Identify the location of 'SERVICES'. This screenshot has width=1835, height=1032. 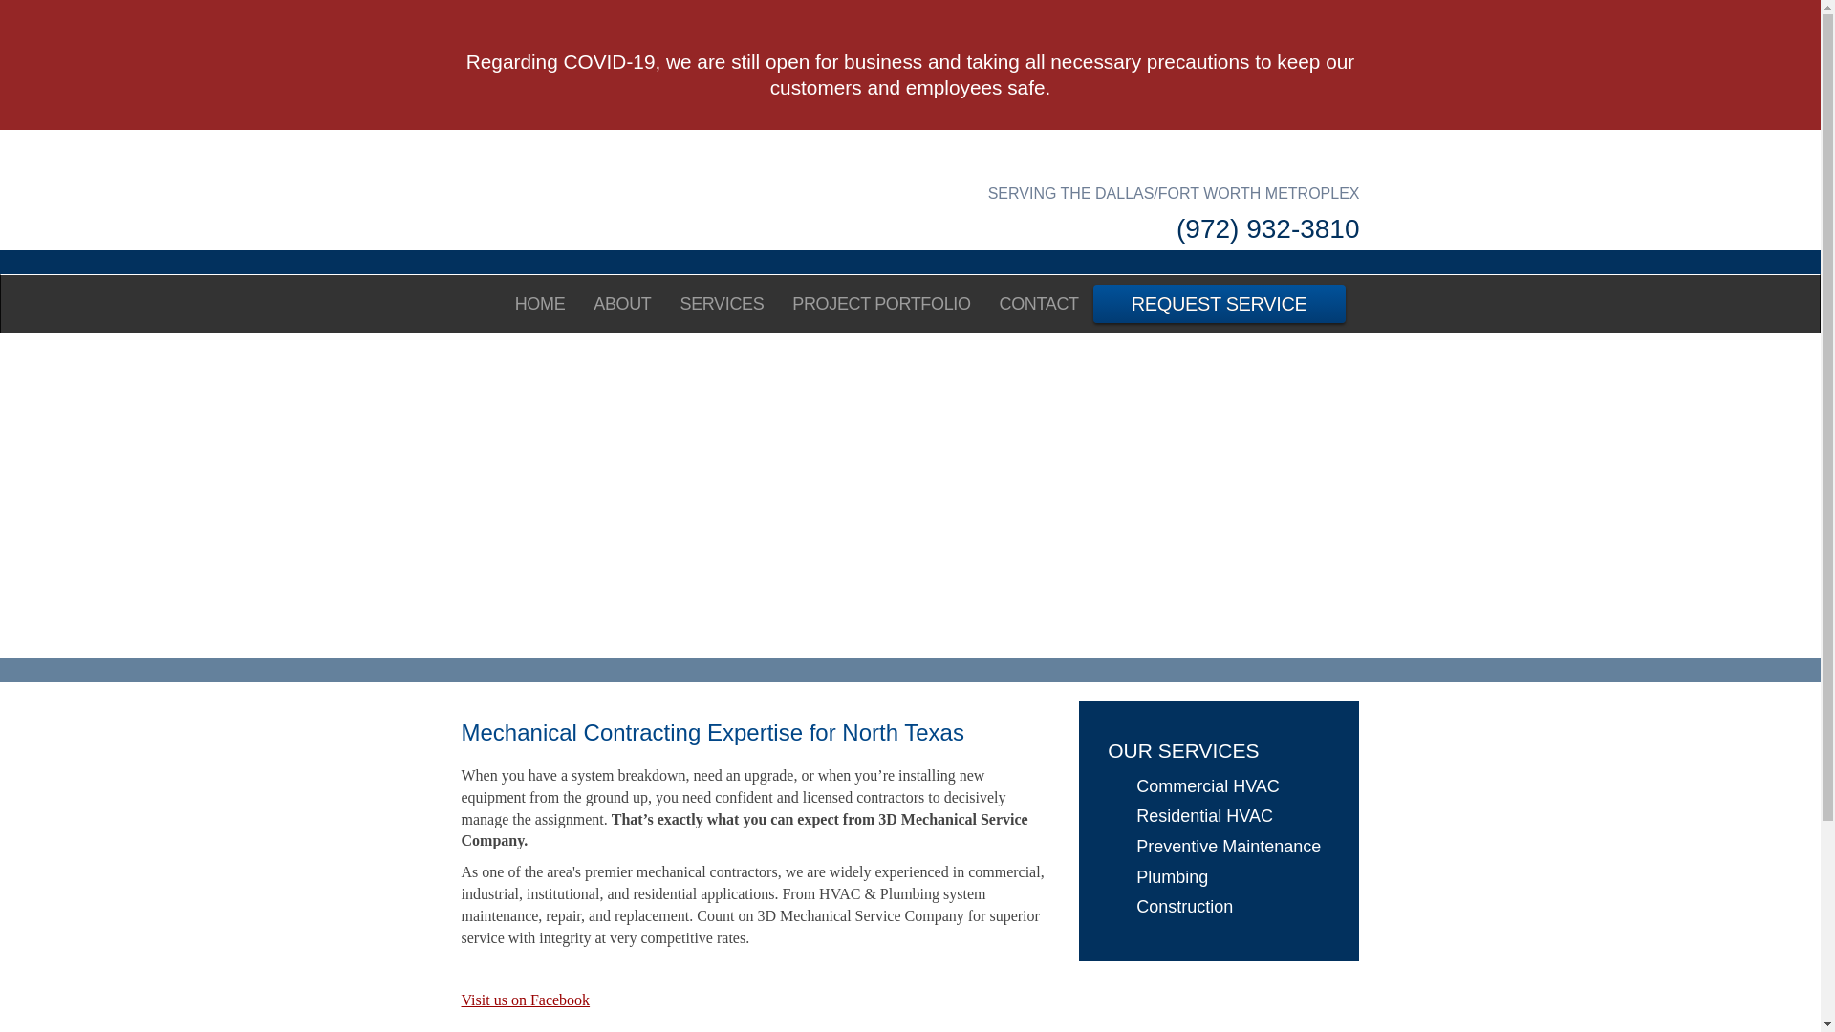
(720, 302).